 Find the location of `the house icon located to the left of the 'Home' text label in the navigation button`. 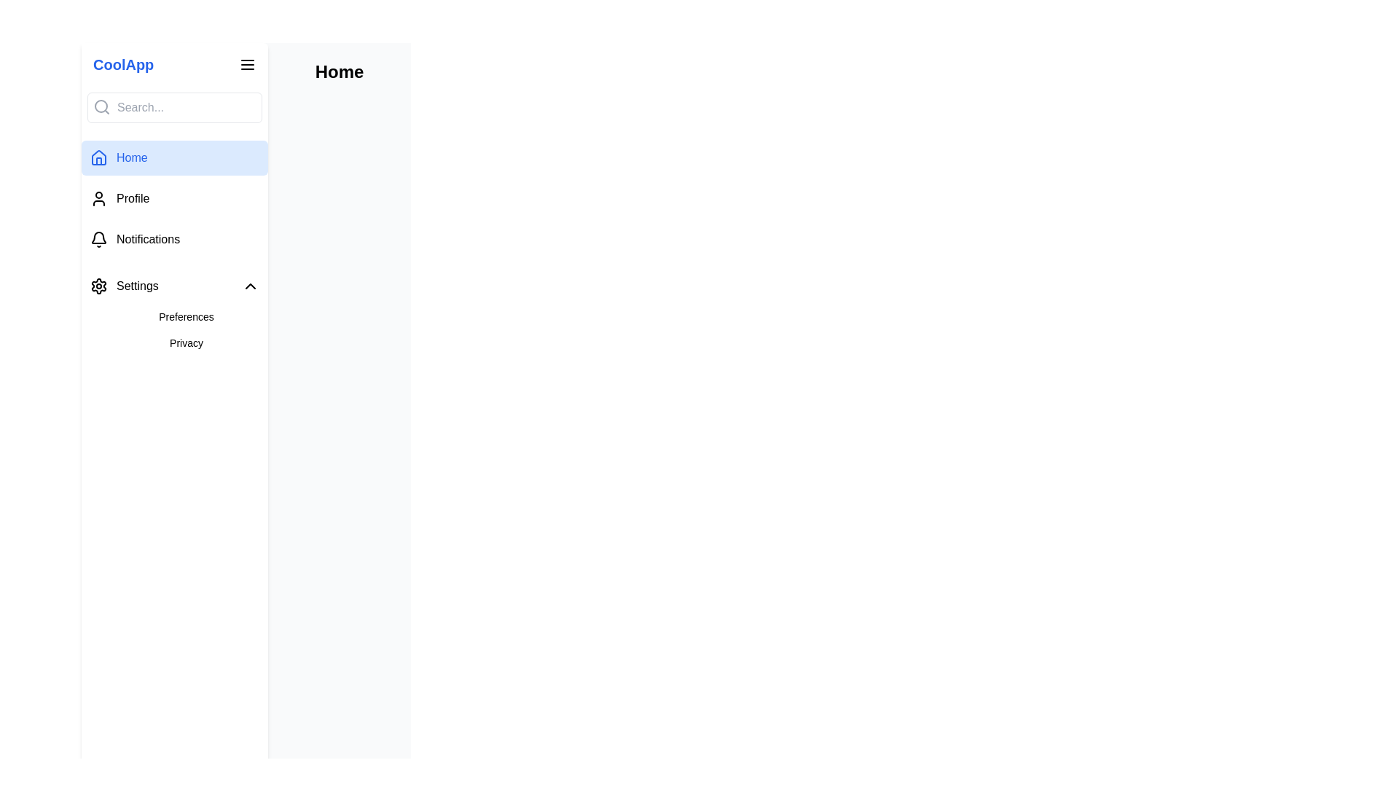

the house icon located to the left of the 'Home' text label in the navigation button is located at coordinates (98, 157).